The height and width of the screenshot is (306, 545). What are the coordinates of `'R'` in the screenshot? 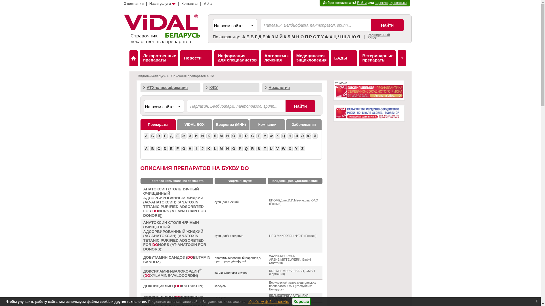 It's located at (252, 148).